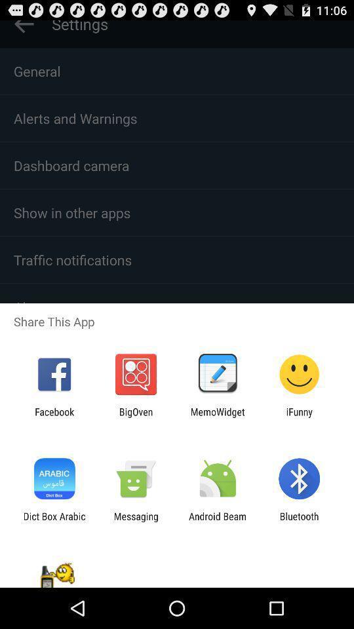 The image size is (354, 629). Describe the element at coordinates (218, 417) in the screenshot. I see `memowidget` at that location.